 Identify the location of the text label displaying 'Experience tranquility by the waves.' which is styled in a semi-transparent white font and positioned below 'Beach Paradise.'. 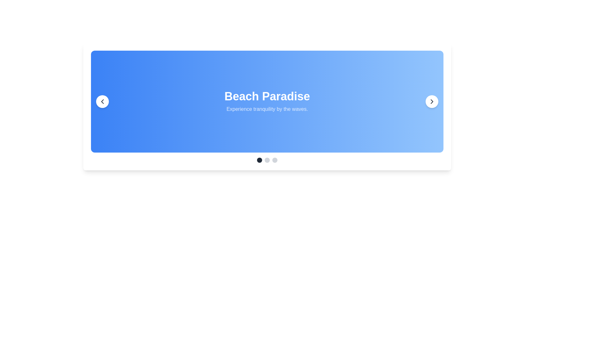
(267, 109).